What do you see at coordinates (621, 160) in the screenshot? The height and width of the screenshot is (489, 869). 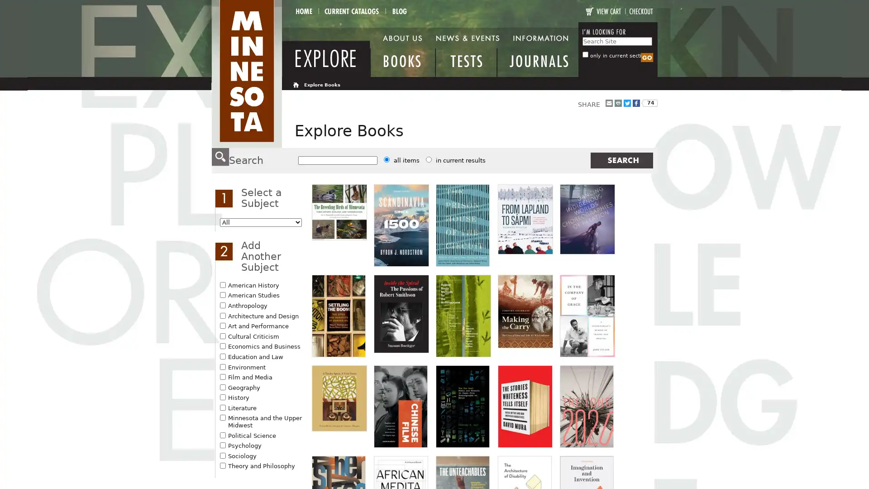 I see `Search` at bounding box center [621, 160].